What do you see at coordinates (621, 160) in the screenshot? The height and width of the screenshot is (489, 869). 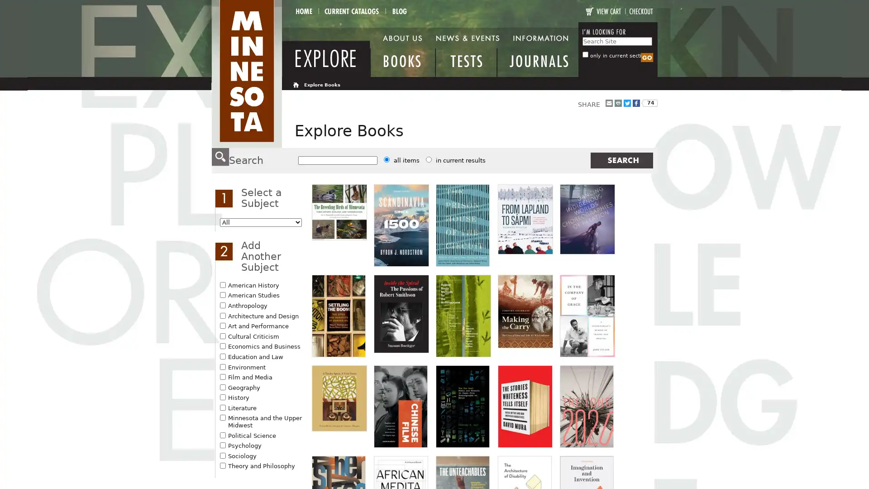 I see `Search` at bounding box center [621, 160].